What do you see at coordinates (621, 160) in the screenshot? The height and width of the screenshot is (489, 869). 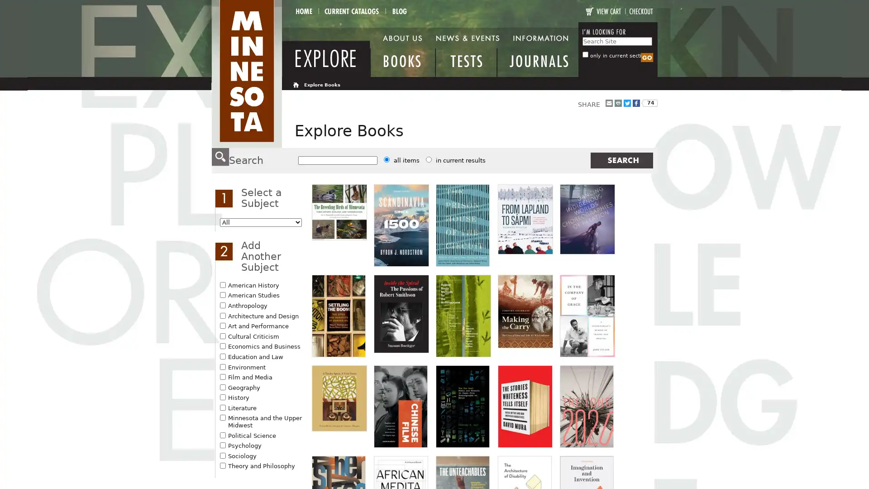 I see `Search` at bounding box center [621, 160].